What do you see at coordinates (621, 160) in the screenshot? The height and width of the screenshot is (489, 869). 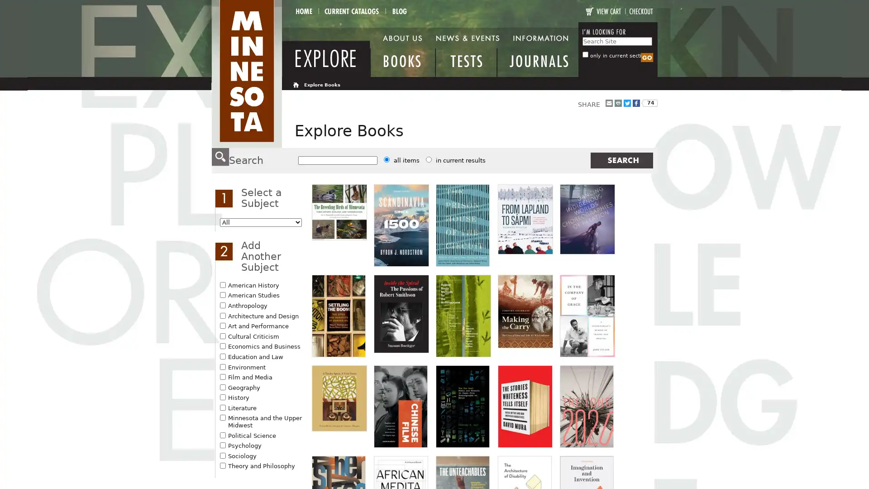 I see `Search` at bounding box center [621, 160].